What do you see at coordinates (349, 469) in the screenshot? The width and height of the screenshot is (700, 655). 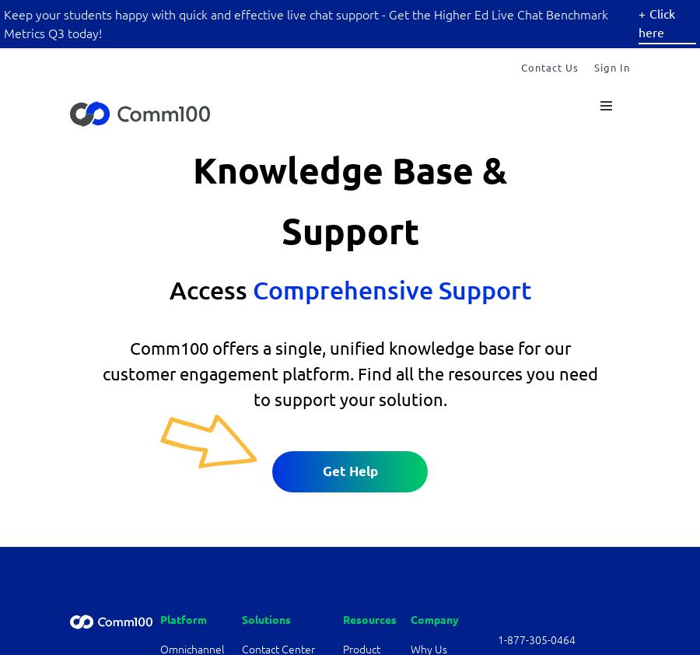 I see `'Get Help'` at bounding box center [349, 469].